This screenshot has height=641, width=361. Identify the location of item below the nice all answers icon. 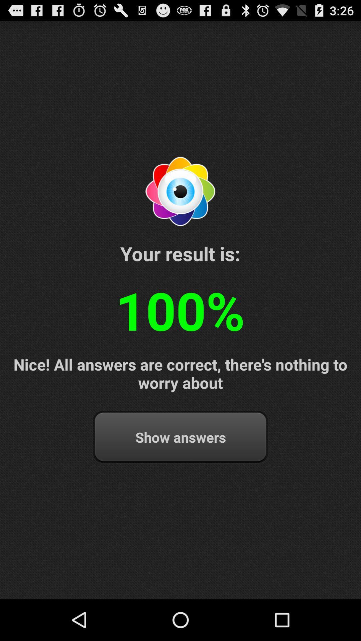
(180, 437).